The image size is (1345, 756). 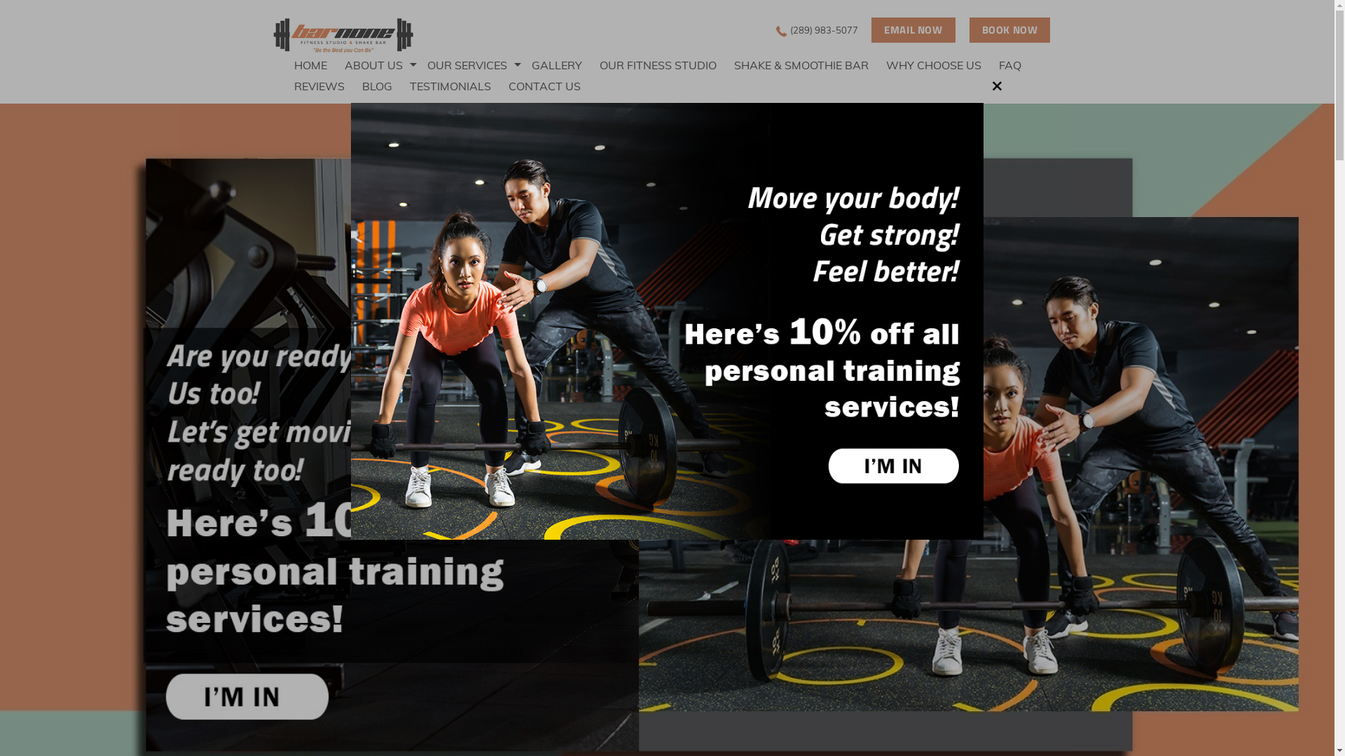 I want to click on 'OUR FITNESS STUDIO', so click(x=665, y=64).